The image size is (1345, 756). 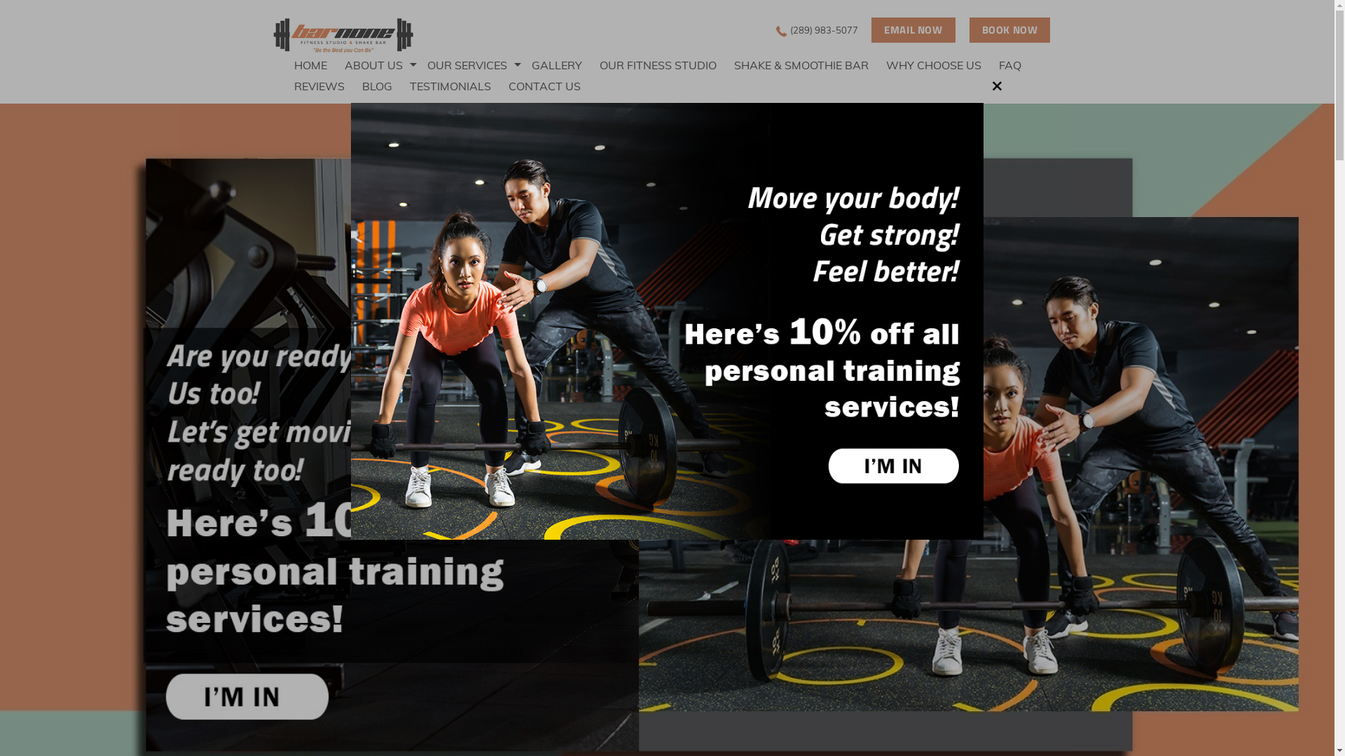 I want to click on 'OUR FITNESS STUDIO', so click(x=665, y=64).